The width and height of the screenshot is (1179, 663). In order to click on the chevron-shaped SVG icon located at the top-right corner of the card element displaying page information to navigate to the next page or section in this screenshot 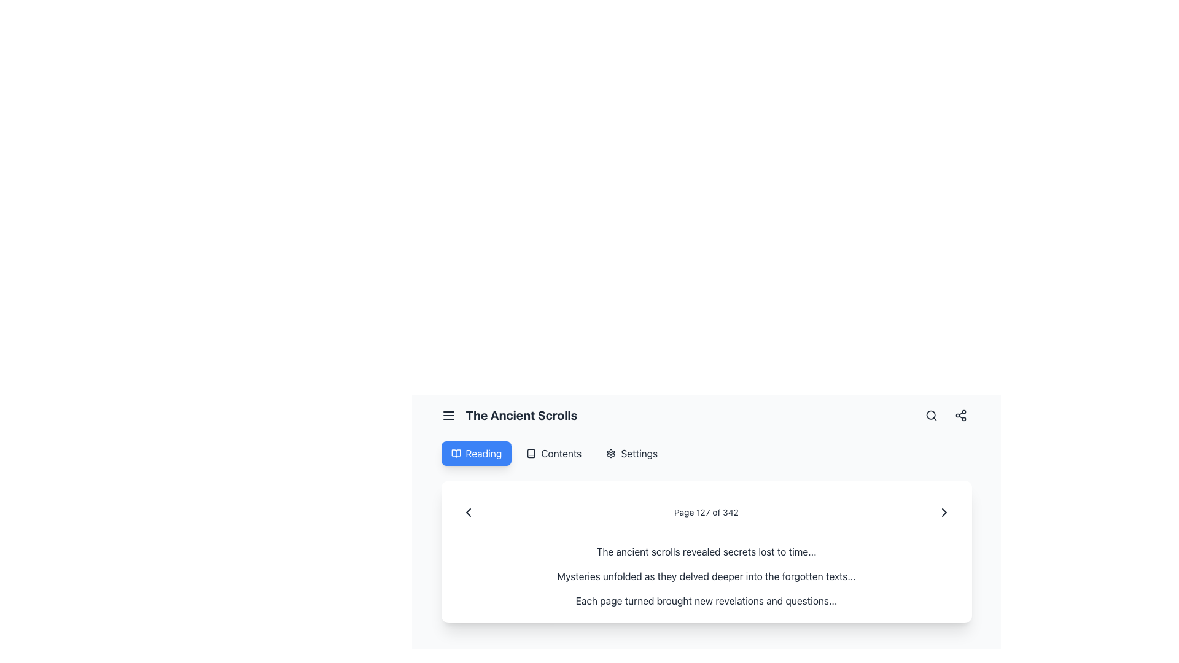, I will do `click(944, 512)`.